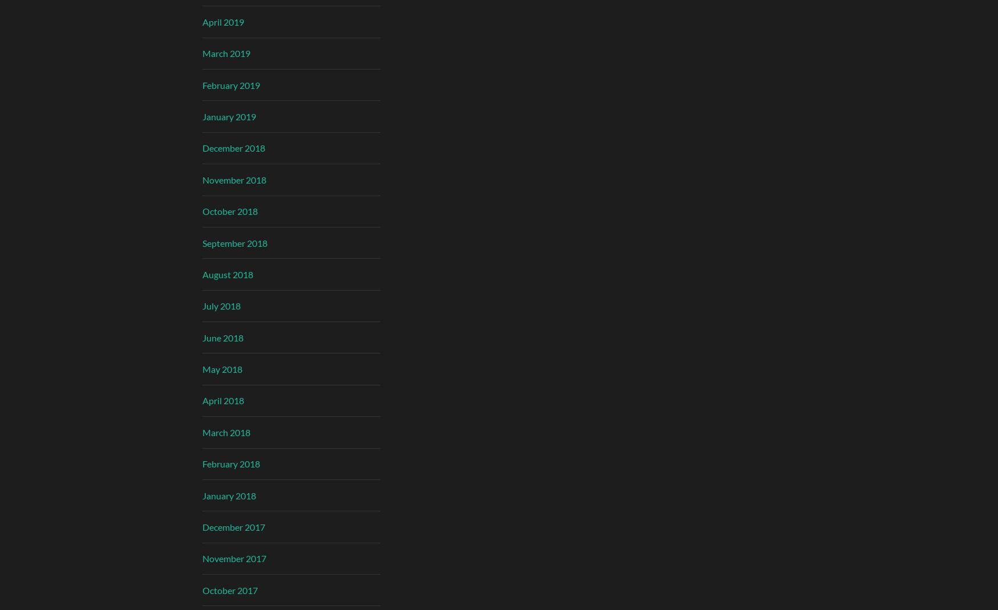 The width and height of the screenshot is (998, 610). I want to click on 'June 2018', so click(222, 336).